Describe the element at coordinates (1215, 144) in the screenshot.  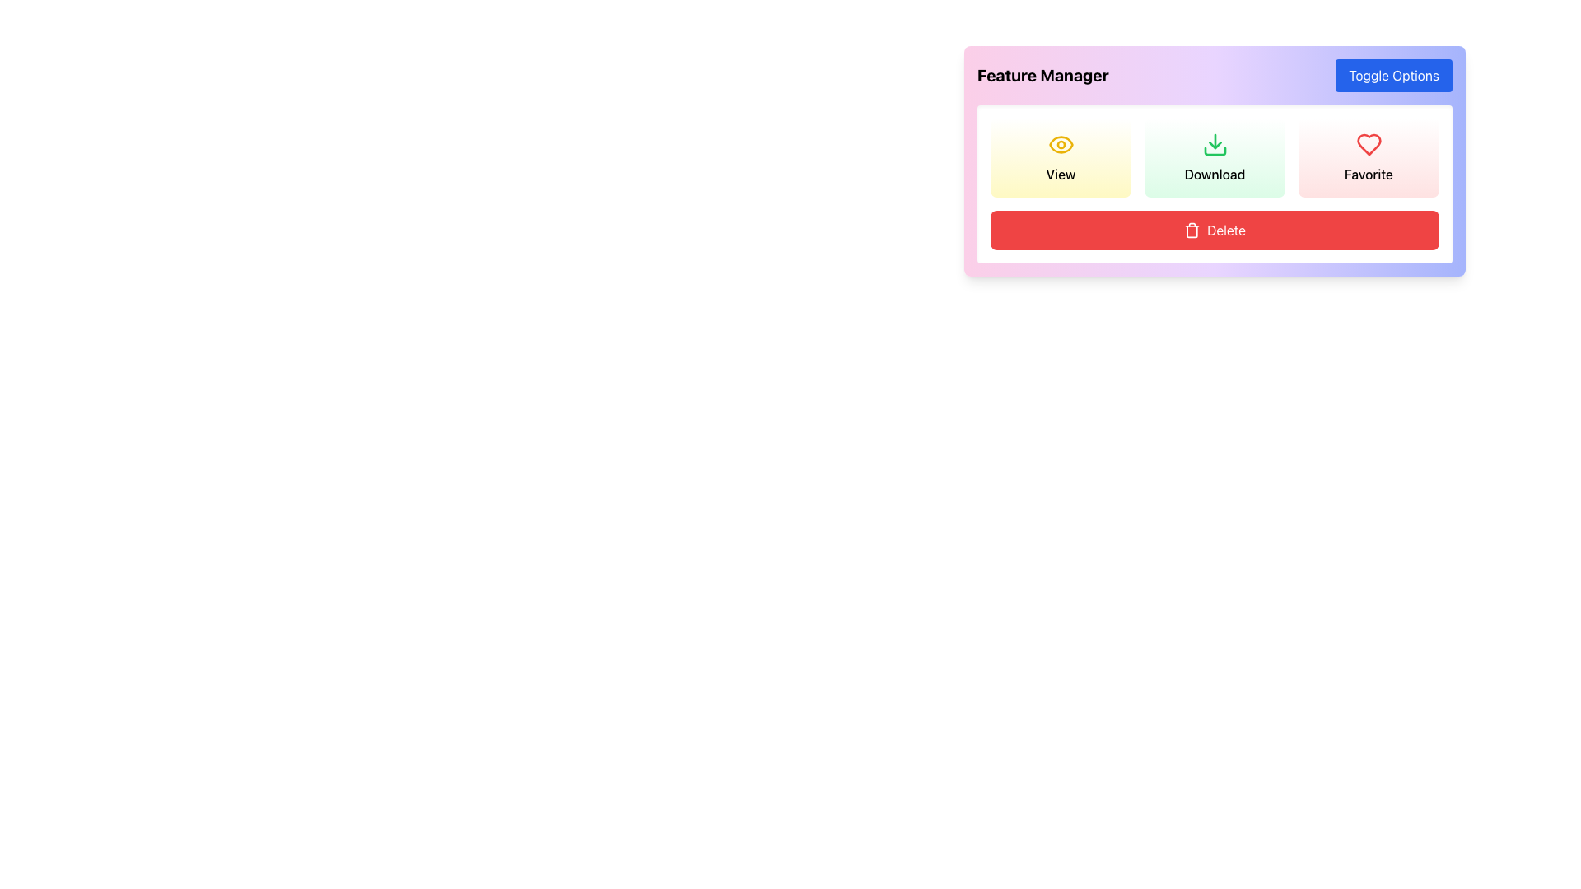
I see `the downward arrow icon in the 'Download' button, which has a green gradient background, to initiate the download action` at that location.